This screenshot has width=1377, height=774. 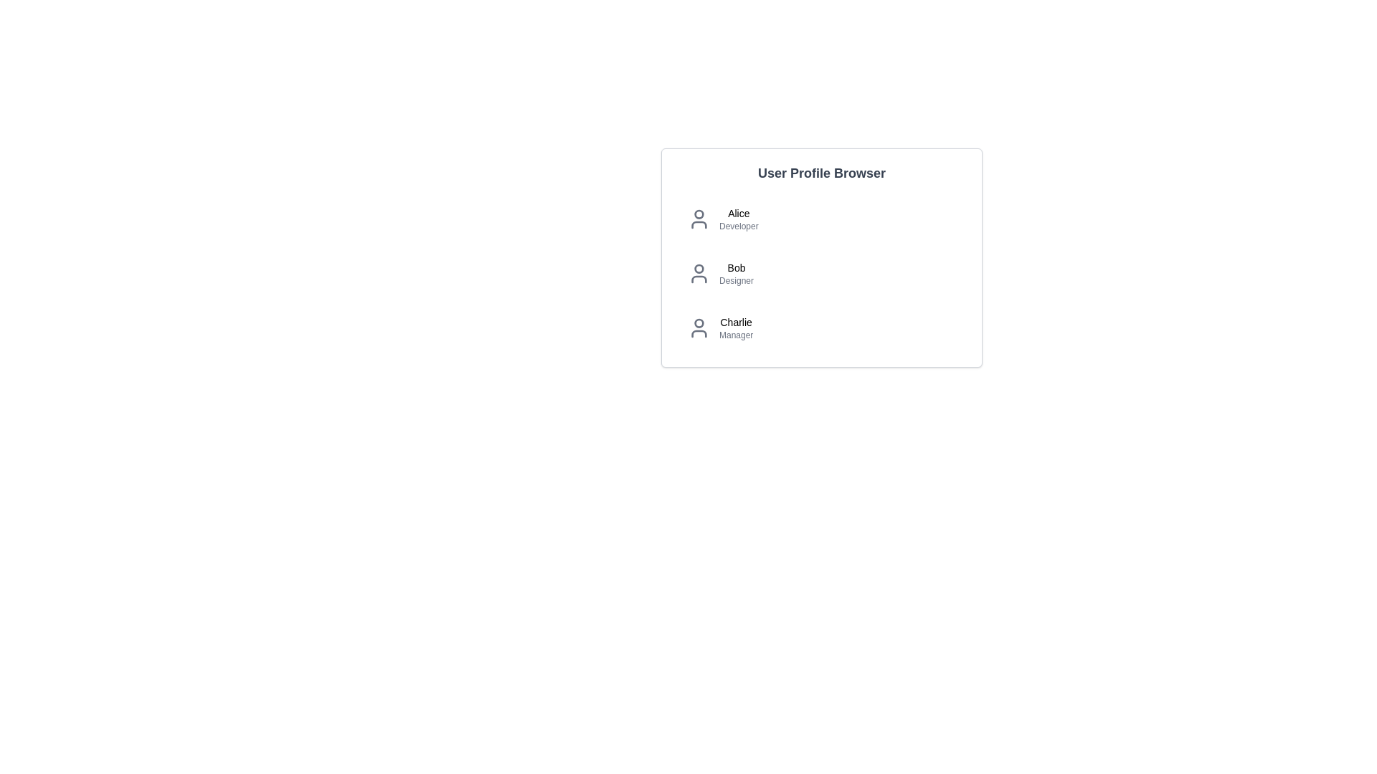 I want to click on the small circle within the user profile icon representing Charlie, located in the third position of the user profile browser, so click(x=699, y=323).